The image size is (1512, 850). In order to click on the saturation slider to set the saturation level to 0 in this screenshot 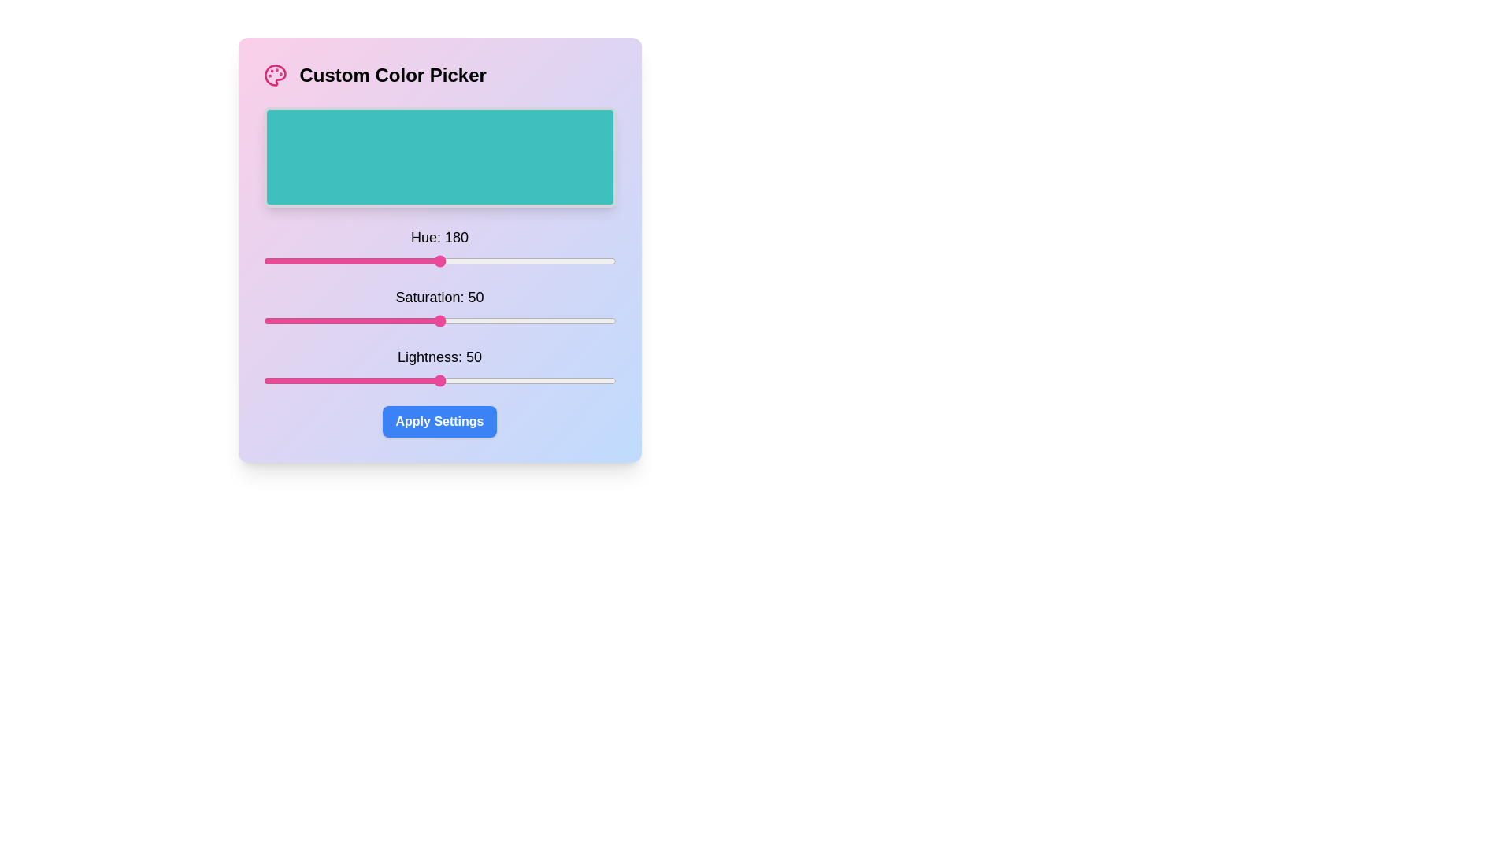, I will do `click(263, 320)`.